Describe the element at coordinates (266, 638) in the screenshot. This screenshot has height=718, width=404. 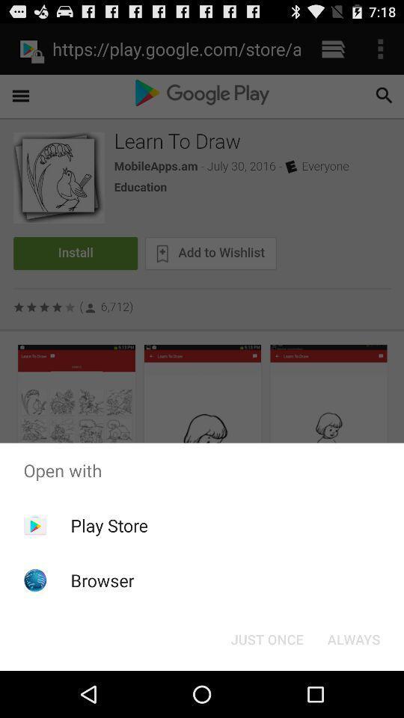
I see `item to the left of always button` at that location.